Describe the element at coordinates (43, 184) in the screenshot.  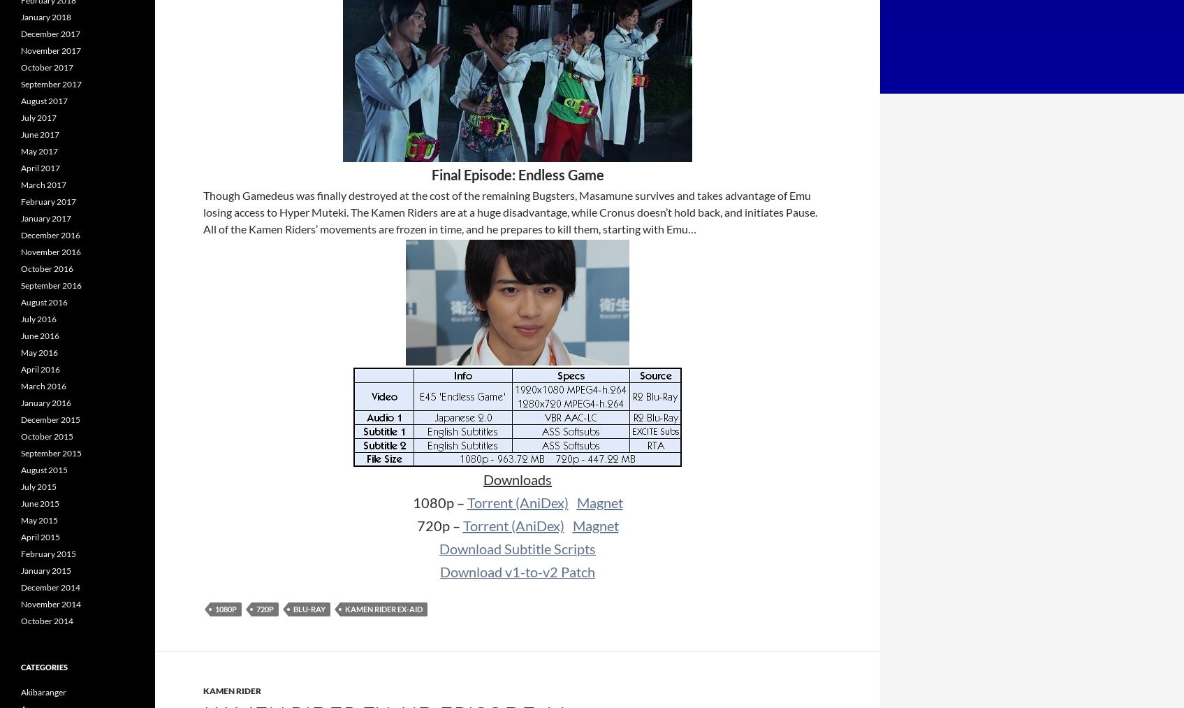
I see `'March 2017'` at that location.